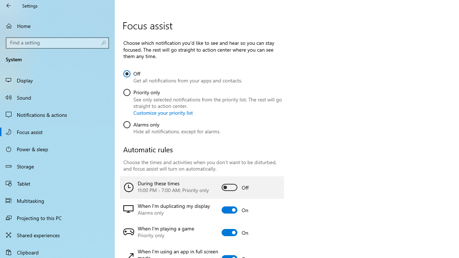  I want to click on 'Search box, Find a setting', so click(57, 43).